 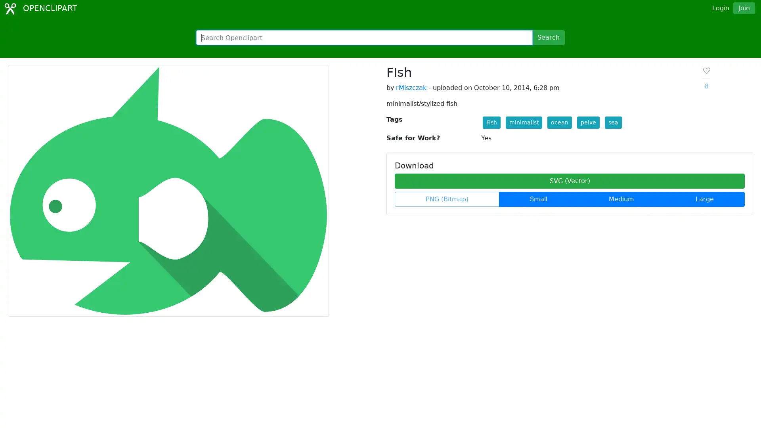 What do you see at coordinates (612, 122) in the screenshot?
I see `sea` at bounding box center [612, 122].